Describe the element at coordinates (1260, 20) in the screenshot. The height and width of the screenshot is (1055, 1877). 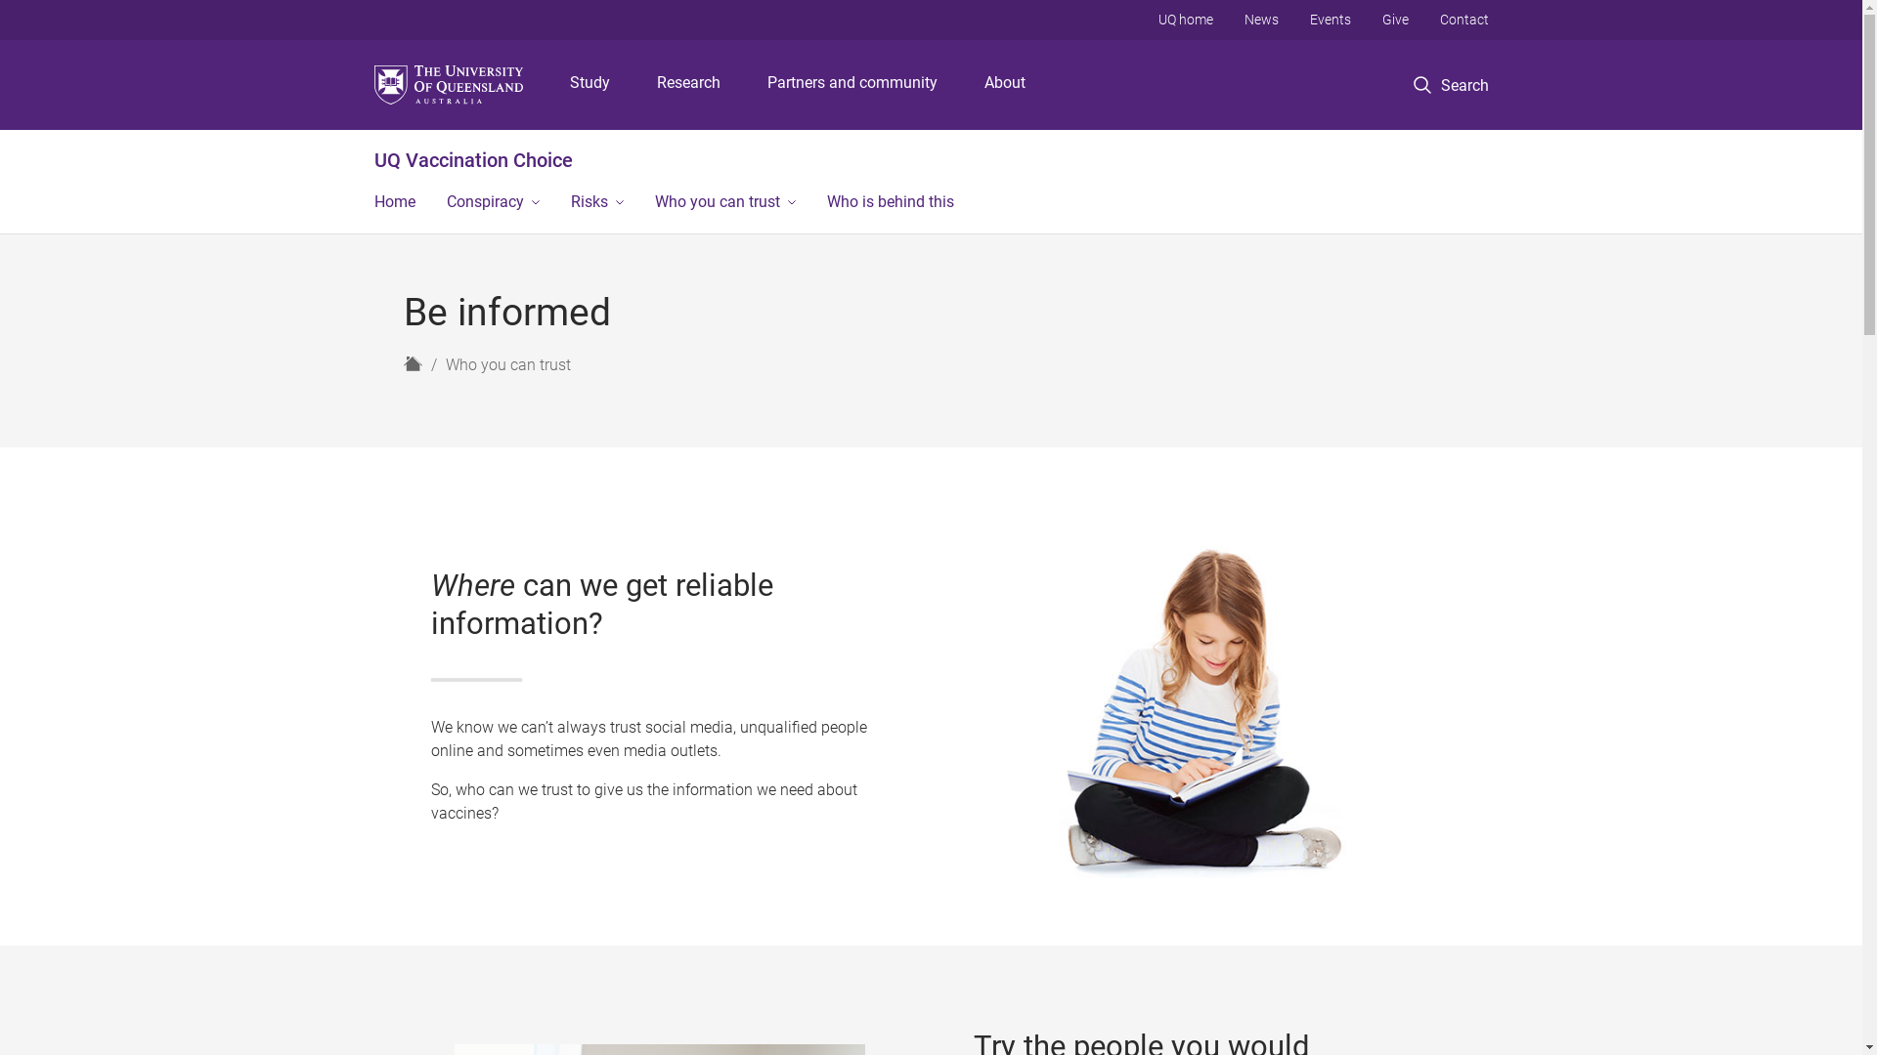
I see `'News'` at that location.